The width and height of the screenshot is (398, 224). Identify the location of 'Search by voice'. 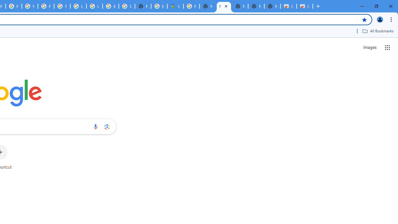
(95, 126).